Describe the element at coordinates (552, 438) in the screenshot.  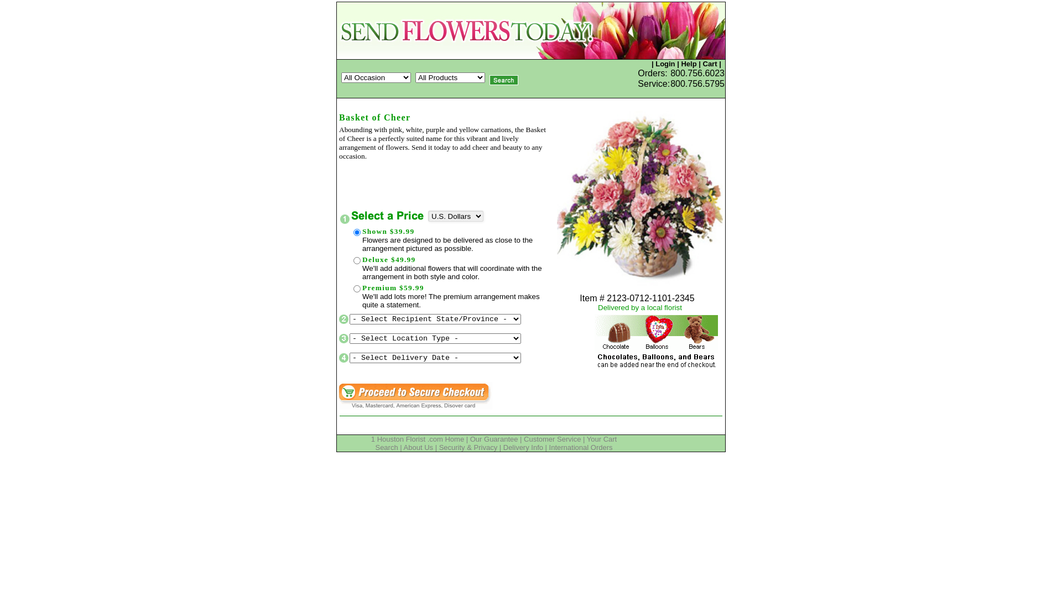
I see `'Customer Service'` at that location.